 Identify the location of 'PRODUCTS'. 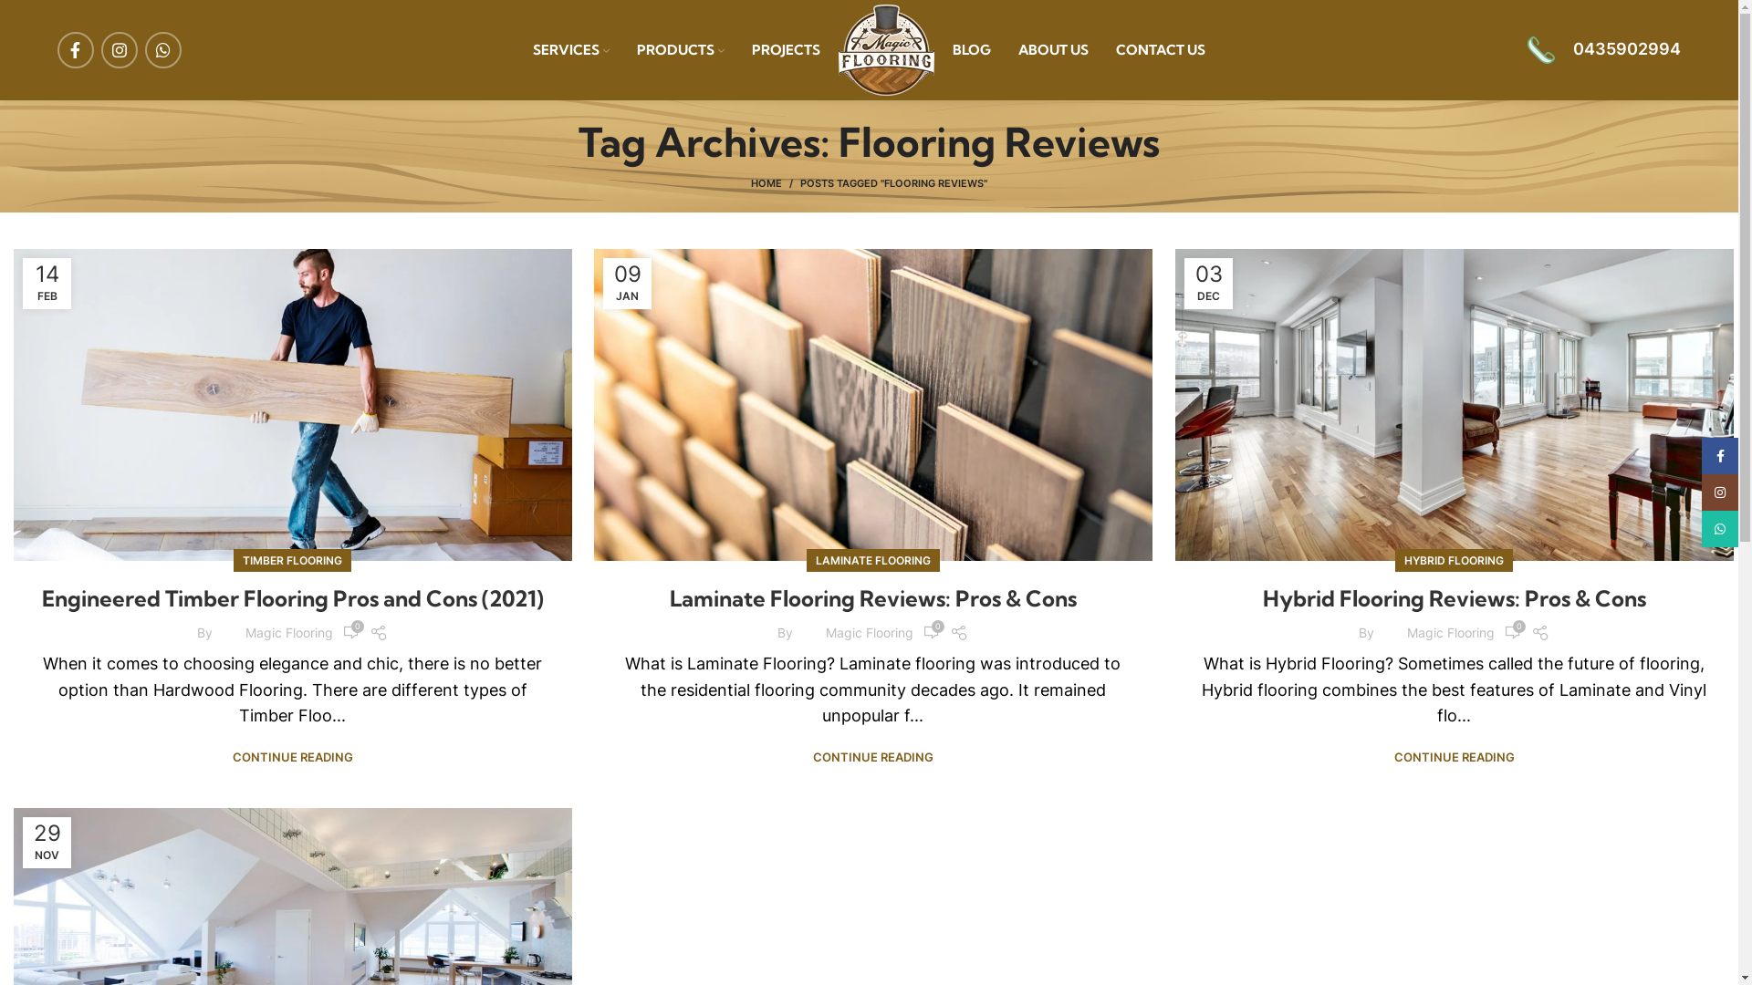
(679, 48).